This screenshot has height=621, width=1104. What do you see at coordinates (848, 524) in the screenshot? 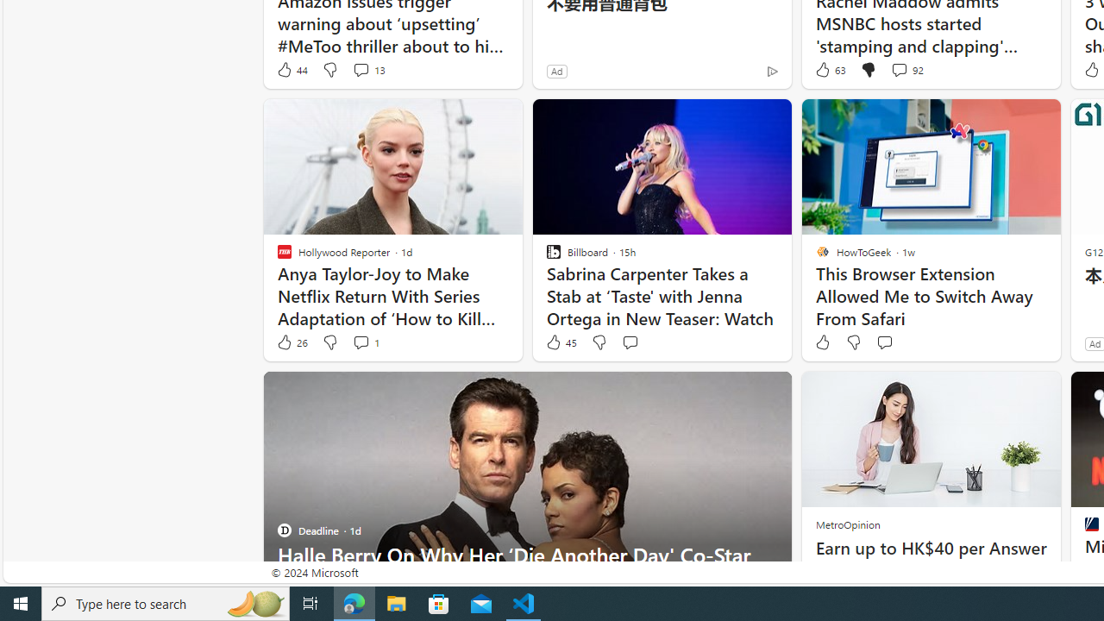
I see `'MetroOpinion'` at bounding box center [848, 524].